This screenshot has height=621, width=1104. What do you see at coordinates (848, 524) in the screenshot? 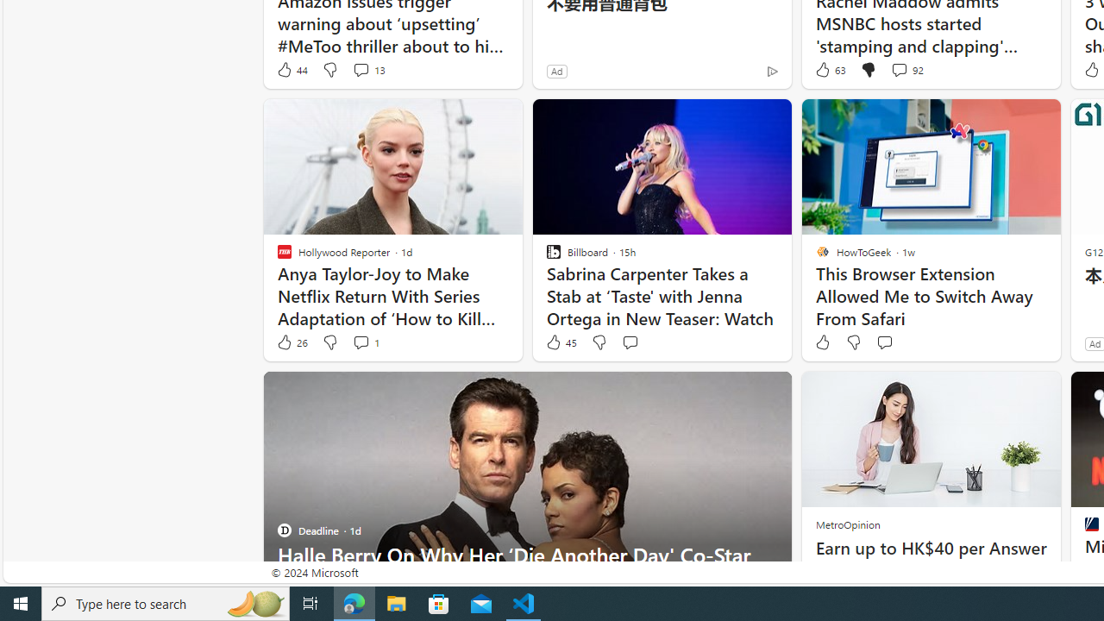
I see `'MetroOpinion'` at bounding box center [848, 524].